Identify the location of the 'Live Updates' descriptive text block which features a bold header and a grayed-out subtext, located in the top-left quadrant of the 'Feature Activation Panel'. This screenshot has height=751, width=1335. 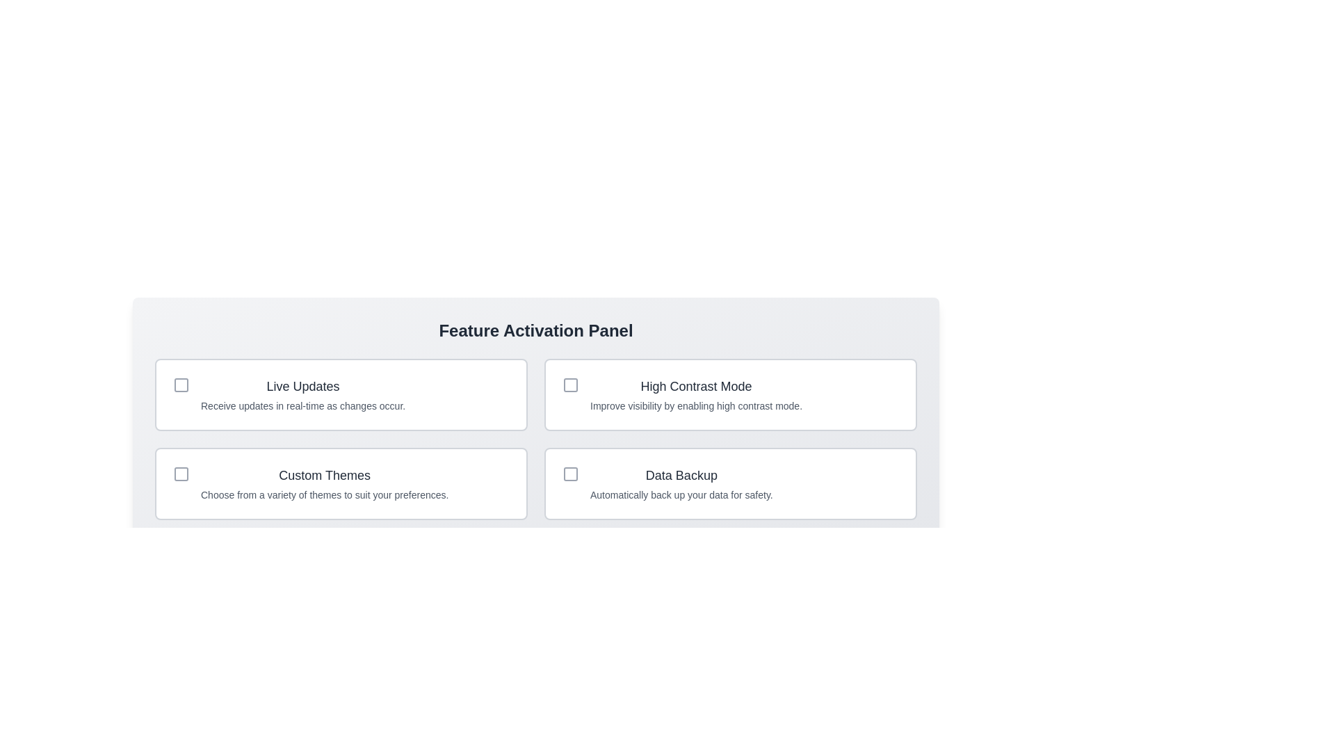
(302, 394).